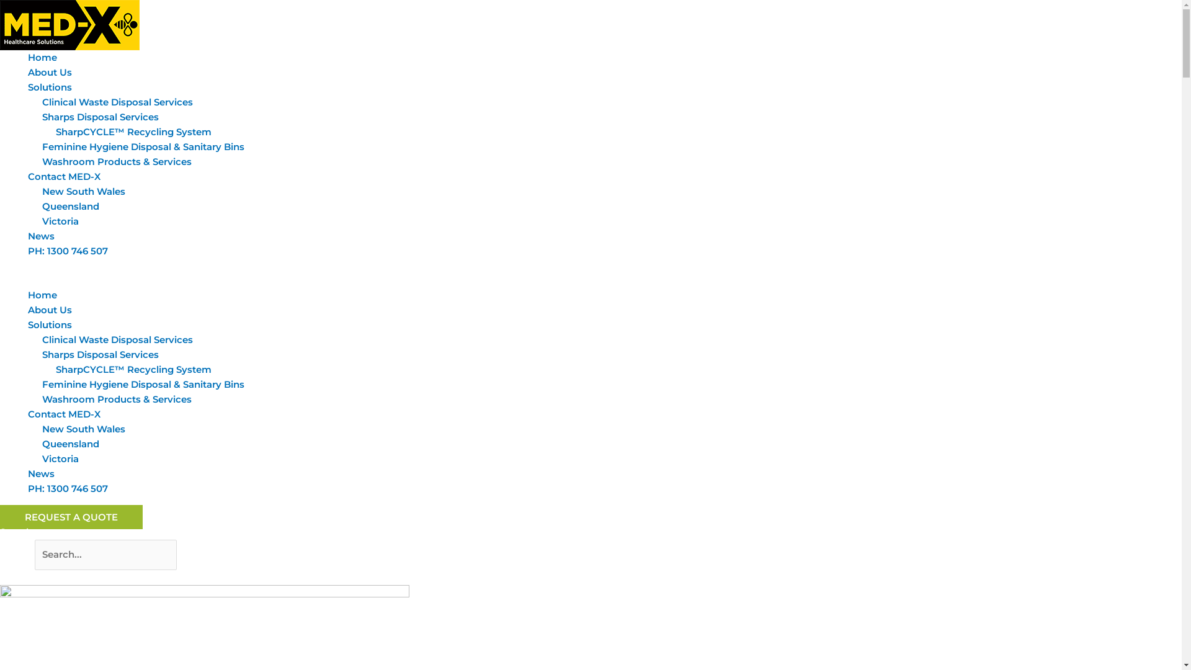  I want to click on 'Victoria', so click(60, 220).